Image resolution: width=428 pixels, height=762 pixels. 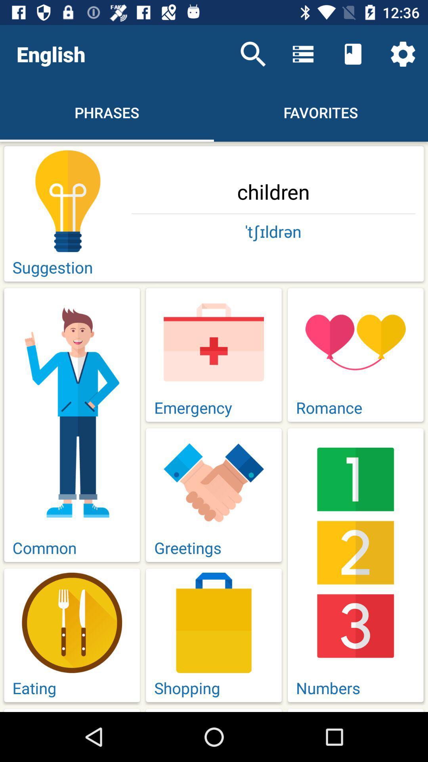 I want to click on the icon above favorites item, so click(x=303, y=54).